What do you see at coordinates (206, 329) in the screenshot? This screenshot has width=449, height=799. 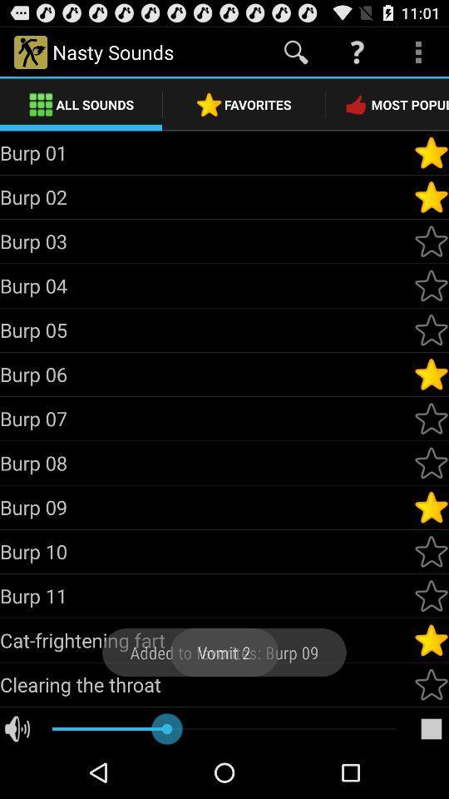 I see `burp 05` at bounding box center [206, 329].